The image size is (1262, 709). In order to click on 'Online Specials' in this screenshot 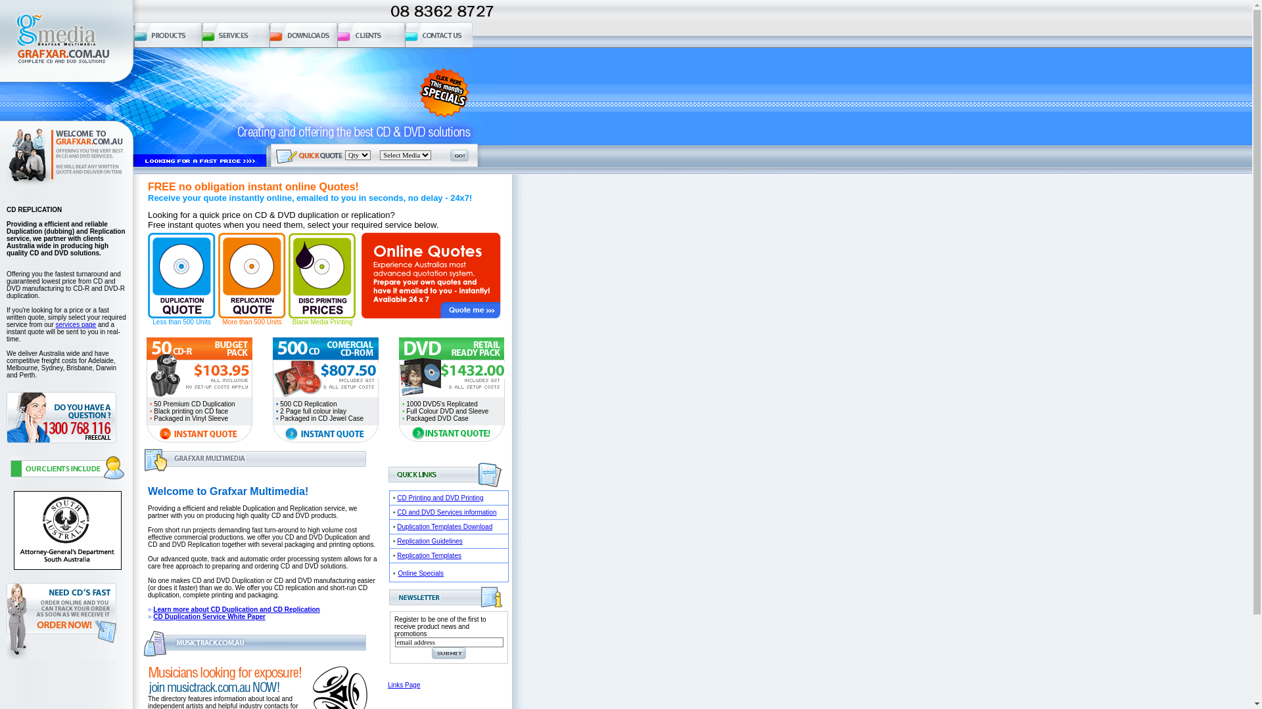, I will do `click(397, 572)`.